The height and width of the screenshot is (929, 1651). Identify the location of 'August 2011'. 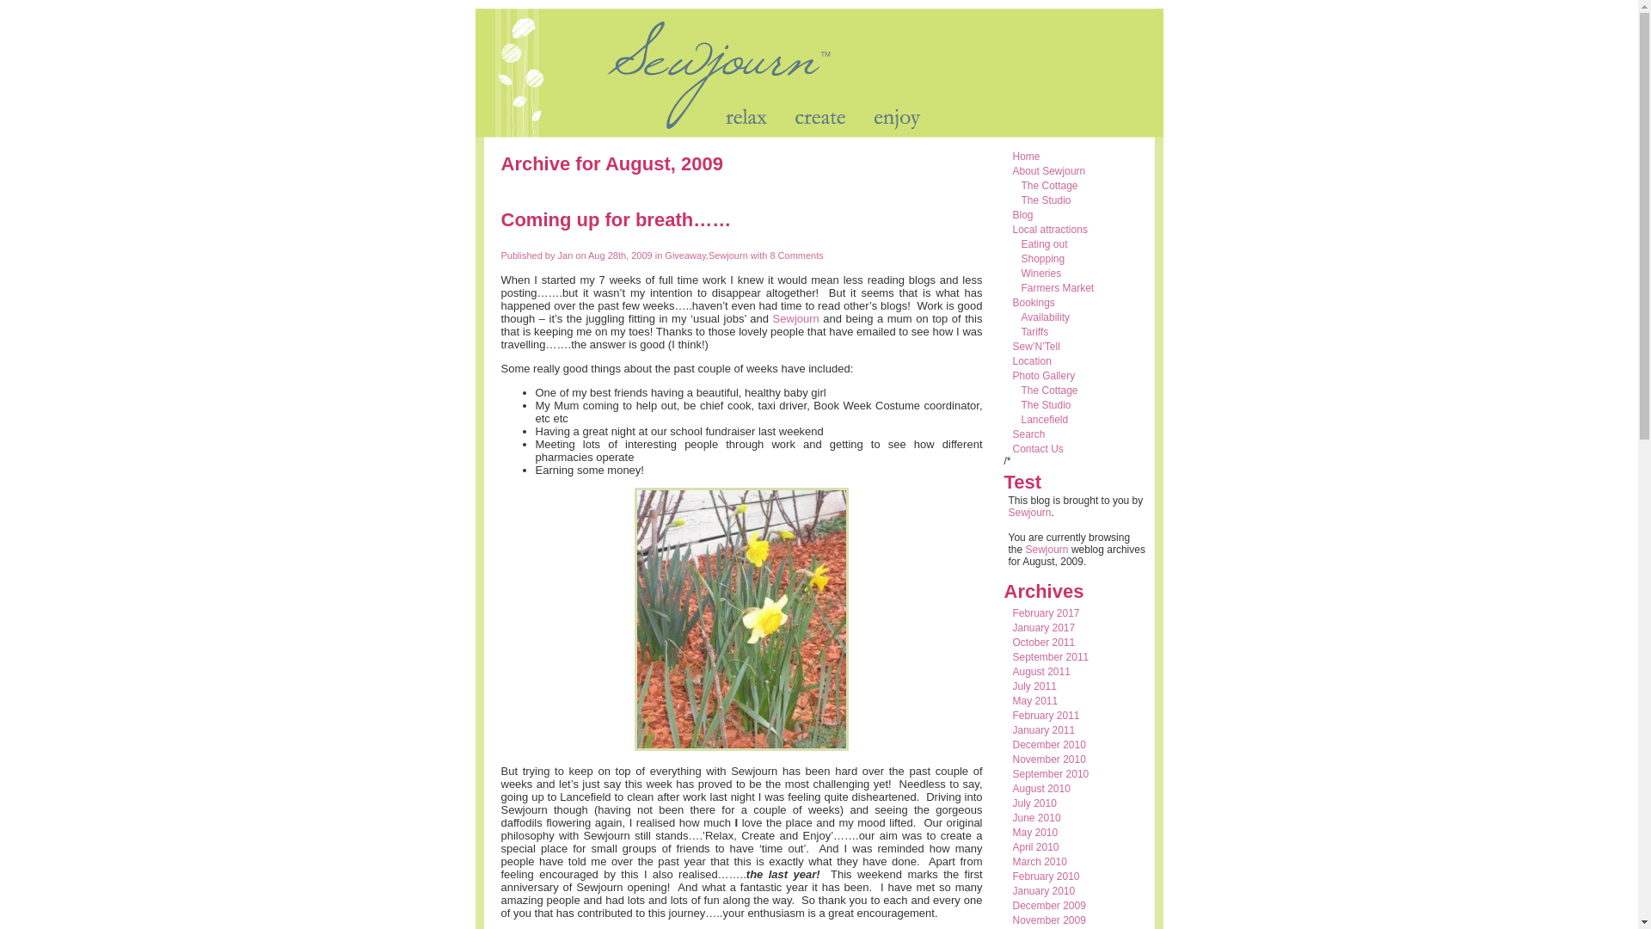
(1012, 670).